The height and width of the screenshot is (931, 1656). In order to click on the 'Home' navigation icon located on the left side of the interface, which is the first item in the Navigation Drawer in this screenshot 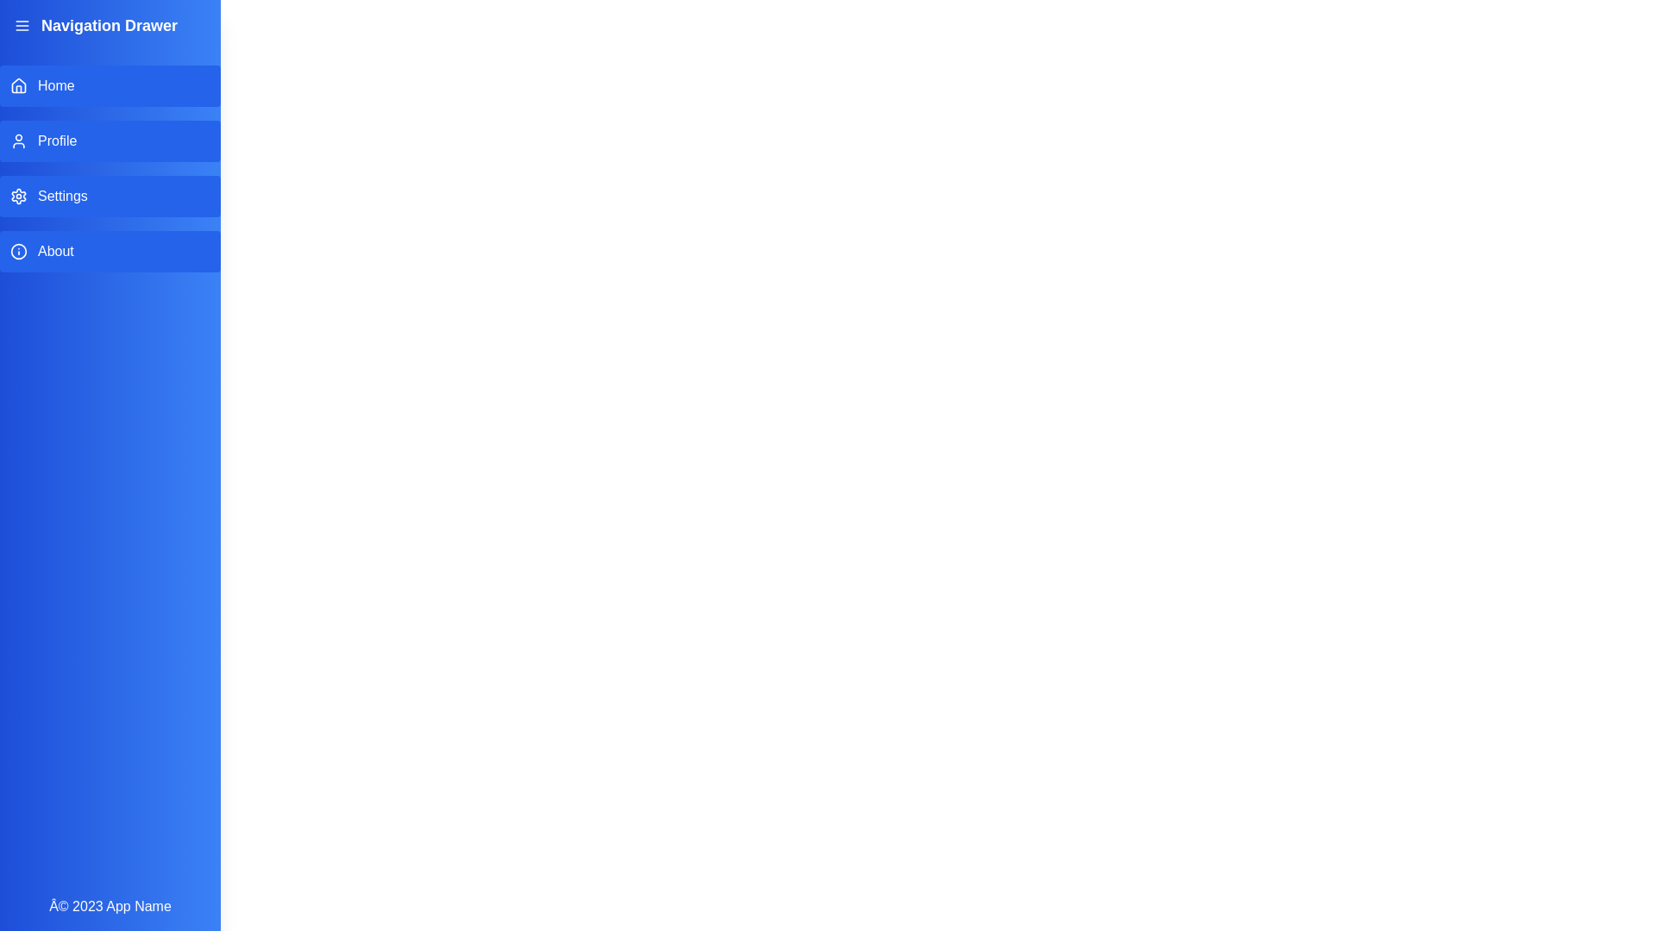, I will do `click(19, 86)`.